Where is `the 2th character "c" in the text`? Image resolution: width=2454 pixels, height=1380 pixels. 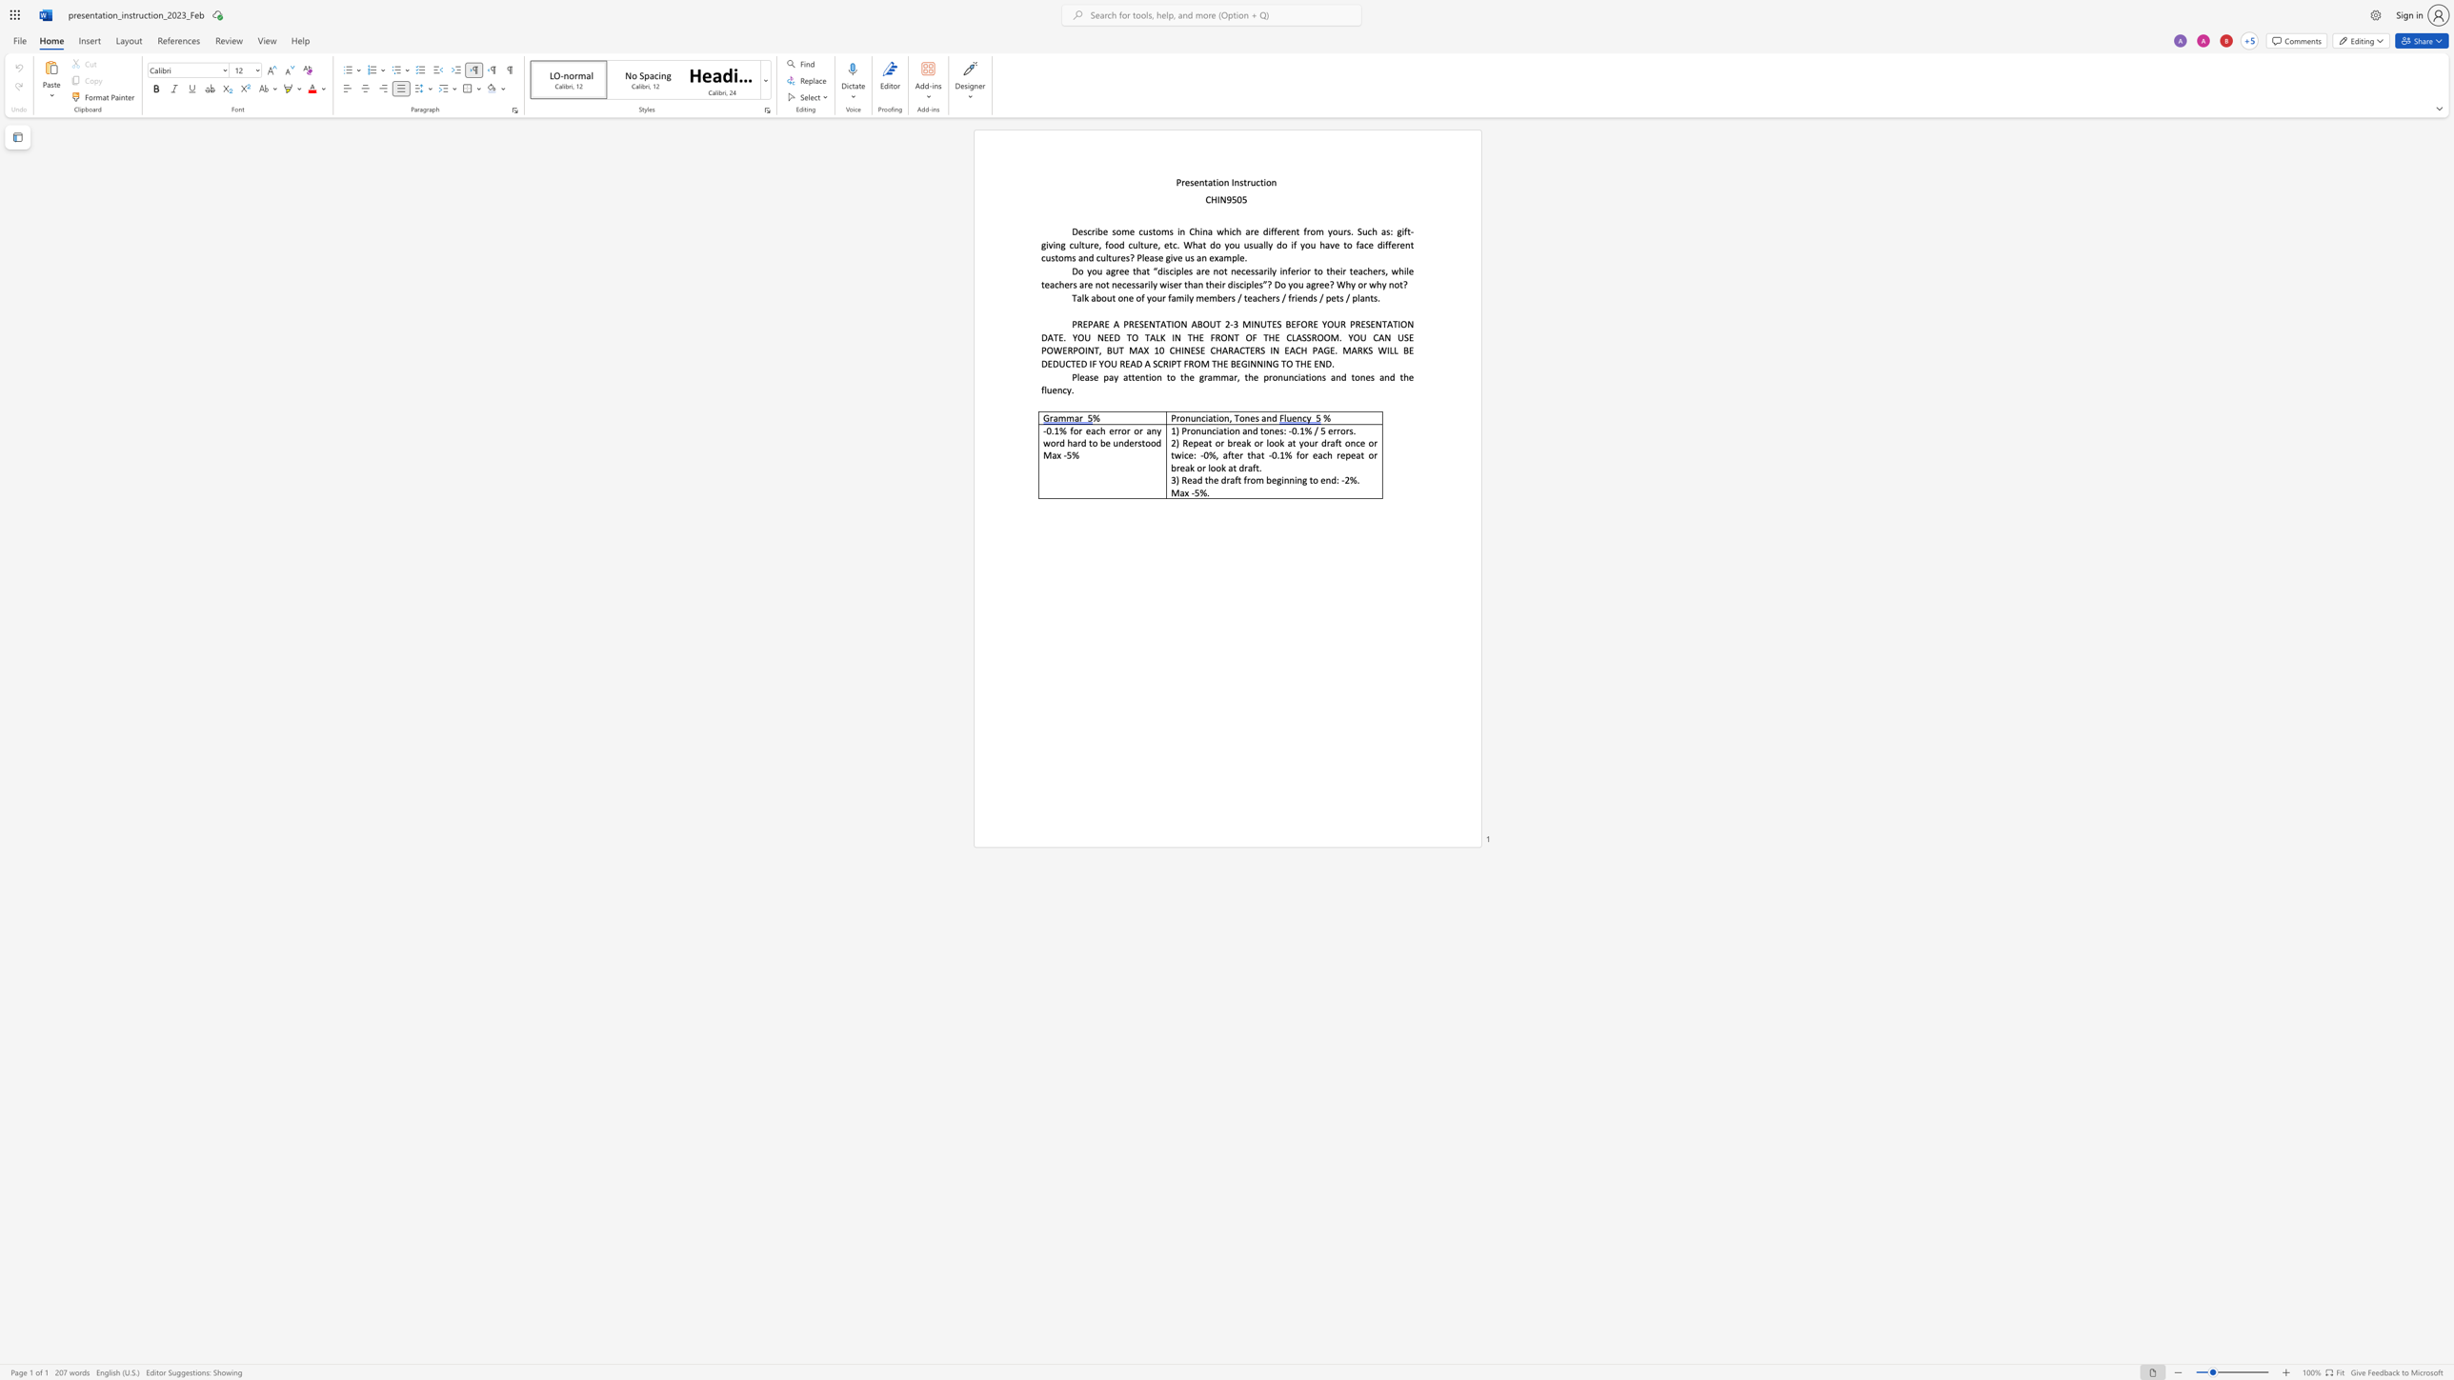
the 2th character "c" in the text is located at coordinates (1065, 390).